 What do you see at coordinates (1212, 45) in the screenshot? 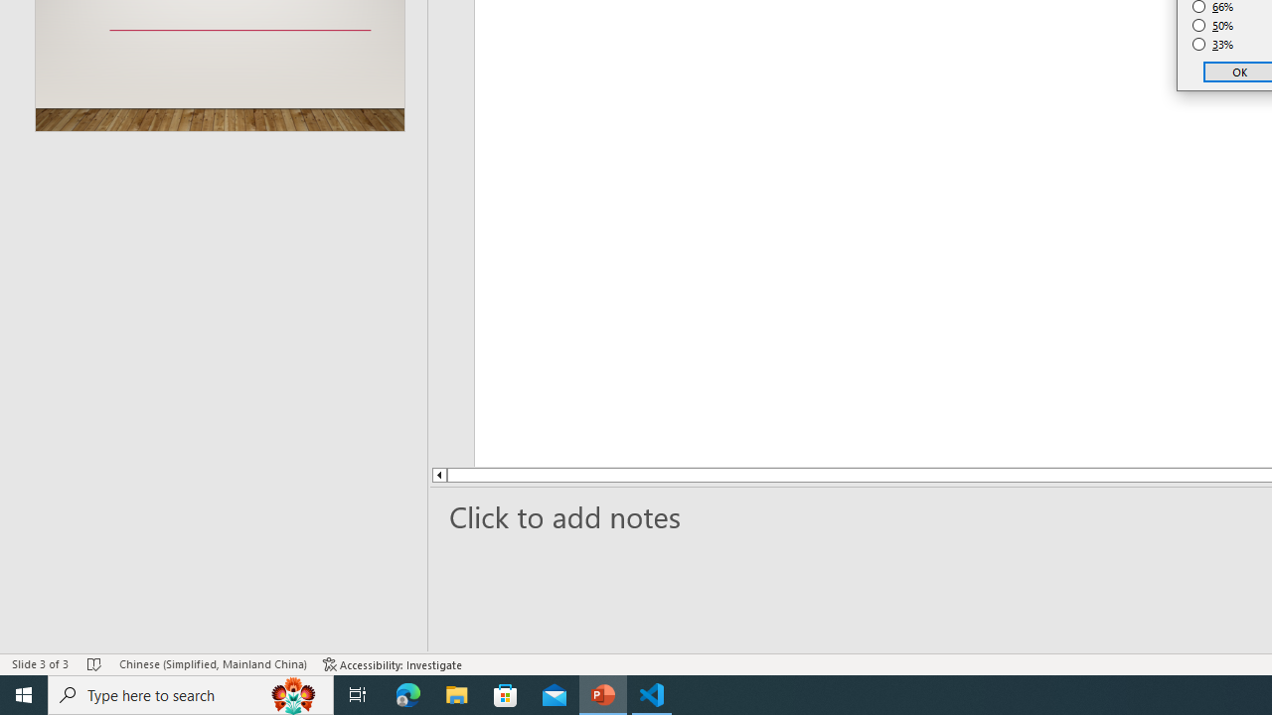
I see `'33%'` at bounding box center [1212, 45].